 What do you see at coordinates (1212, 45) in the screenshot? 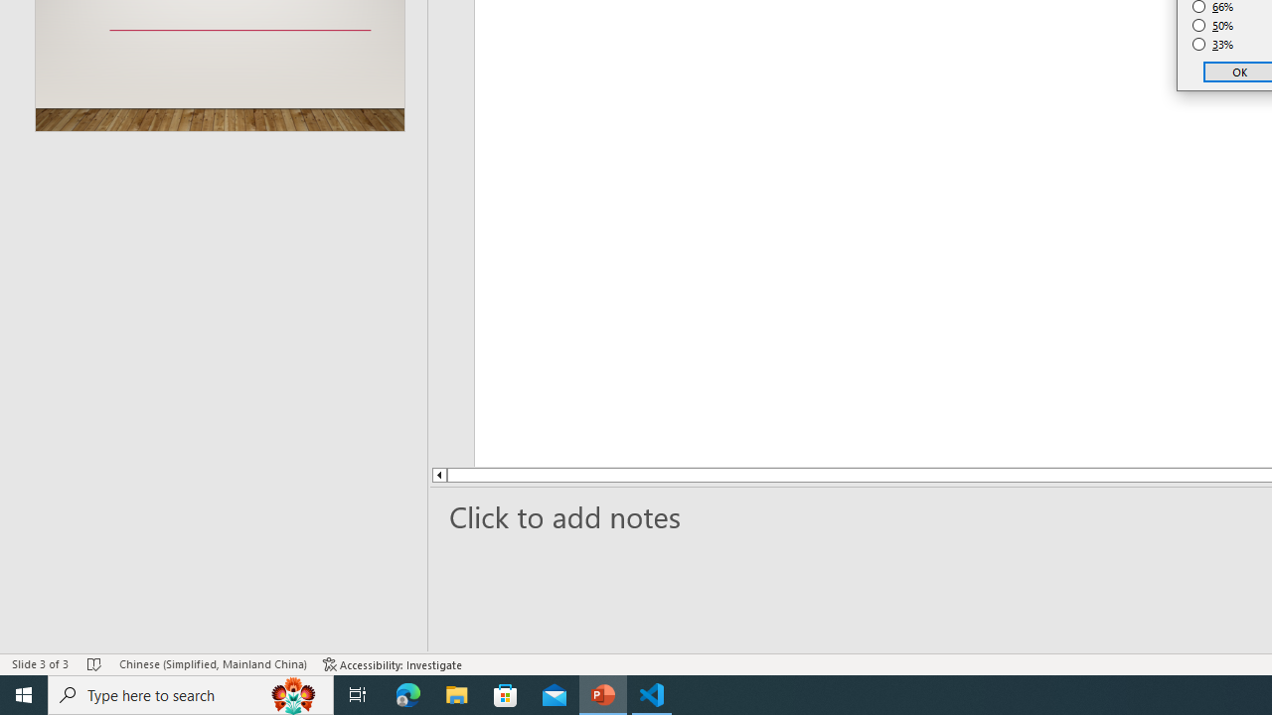
I see `'33%'` at bounding box center [1212, 45].